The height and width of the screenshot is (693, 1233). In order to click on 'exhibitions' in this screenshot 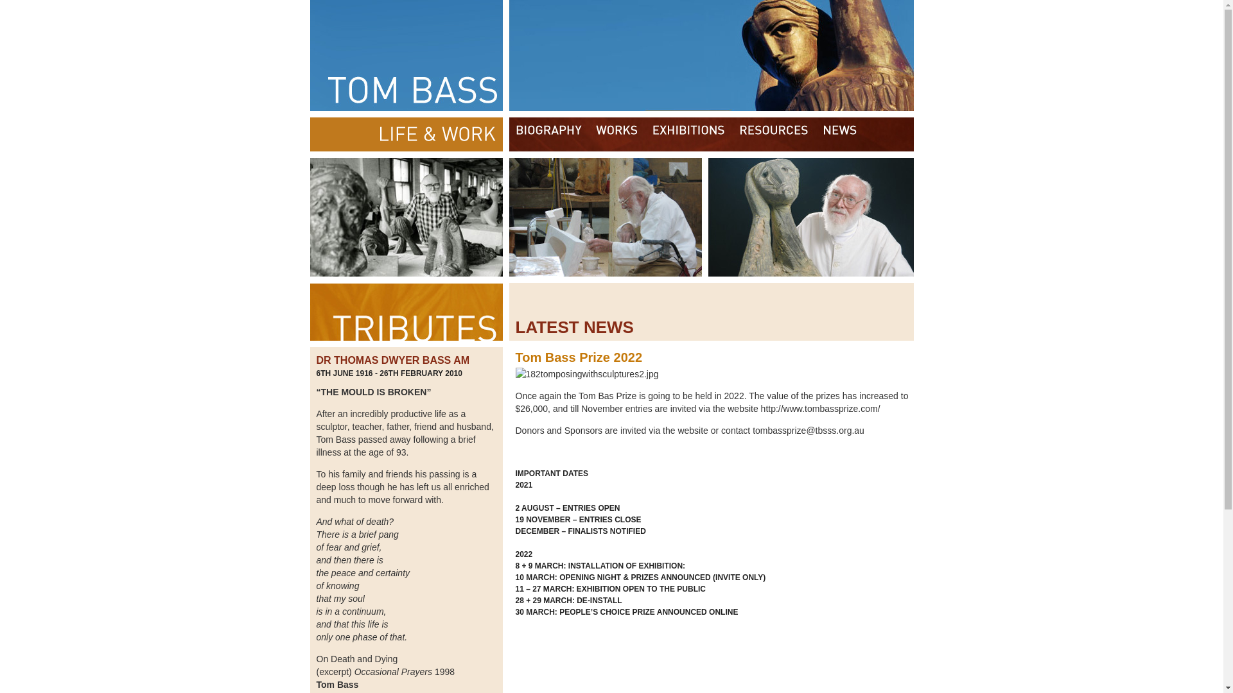, I will do `click(687, 134)`.